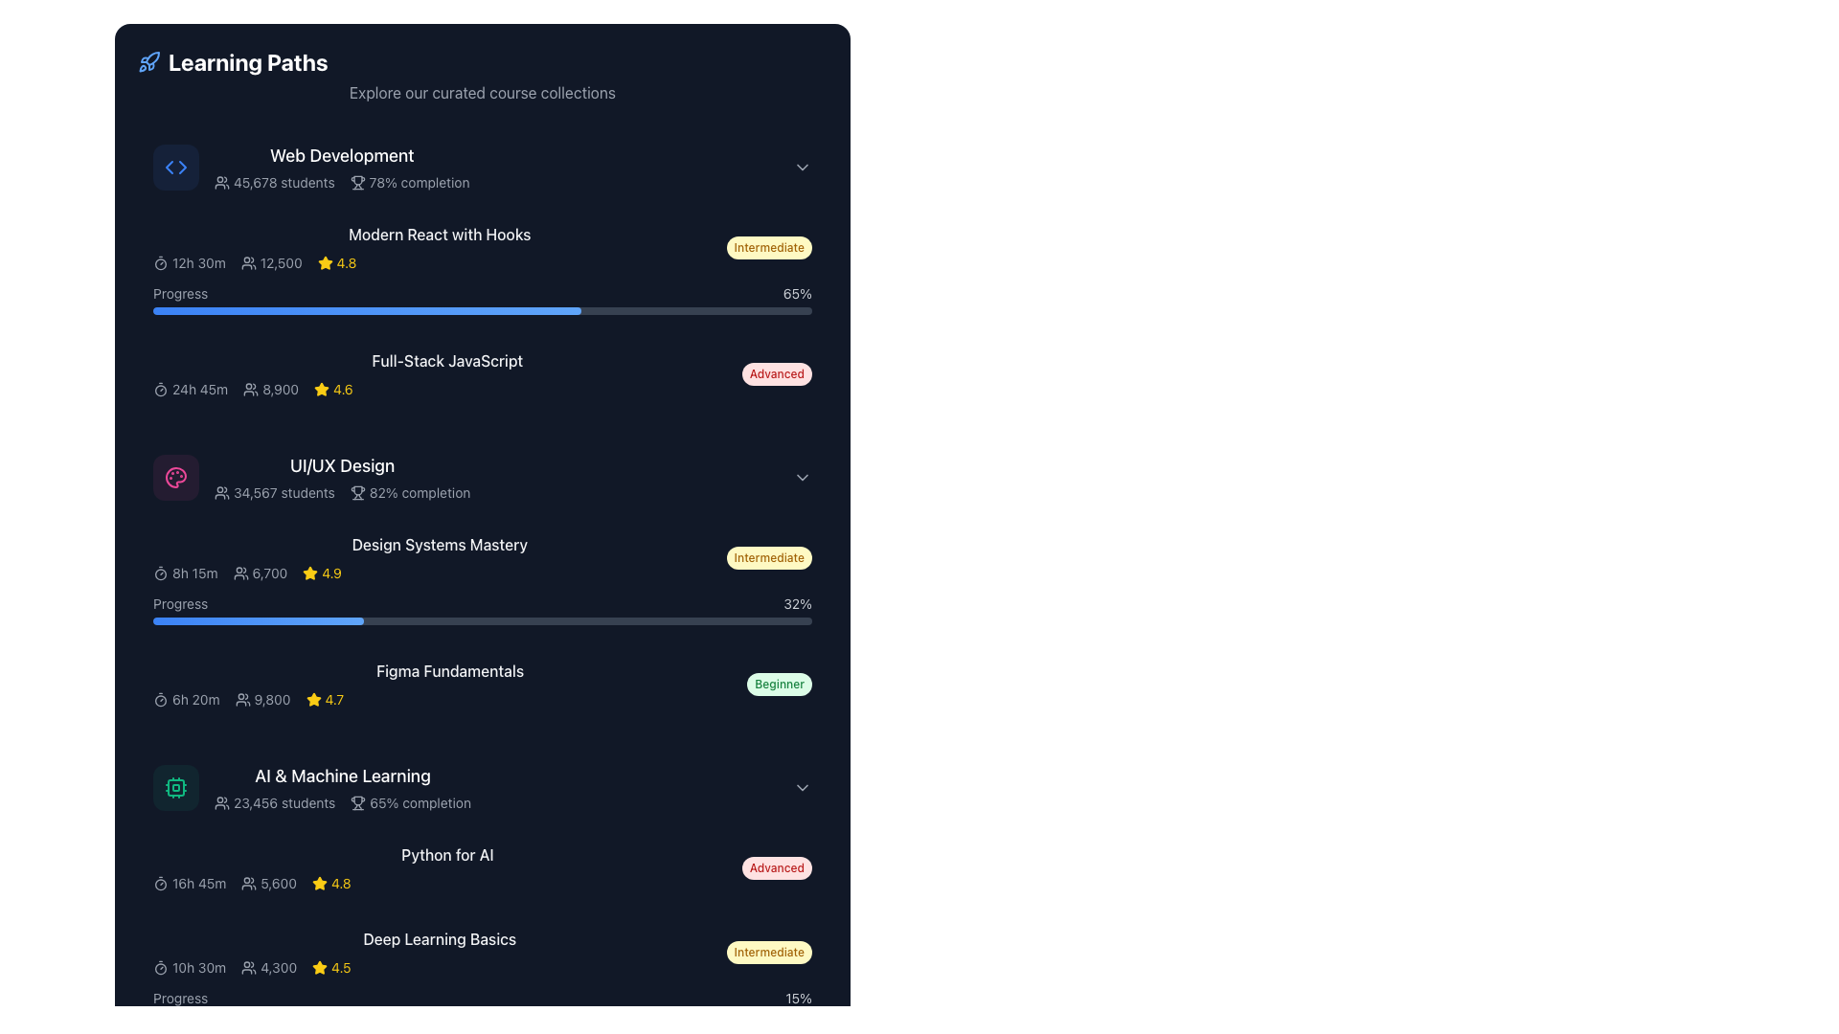 The width and height of the screenshot is (1839, 1034). Describe the element at coordinates (241, 700) in the screenshot. I see `the small icon consisting of two overlapping human figures, which is part of the student enrollment information under the course name 'Figma Fundamentals' in the 'UI/UX Design' section` at that location.